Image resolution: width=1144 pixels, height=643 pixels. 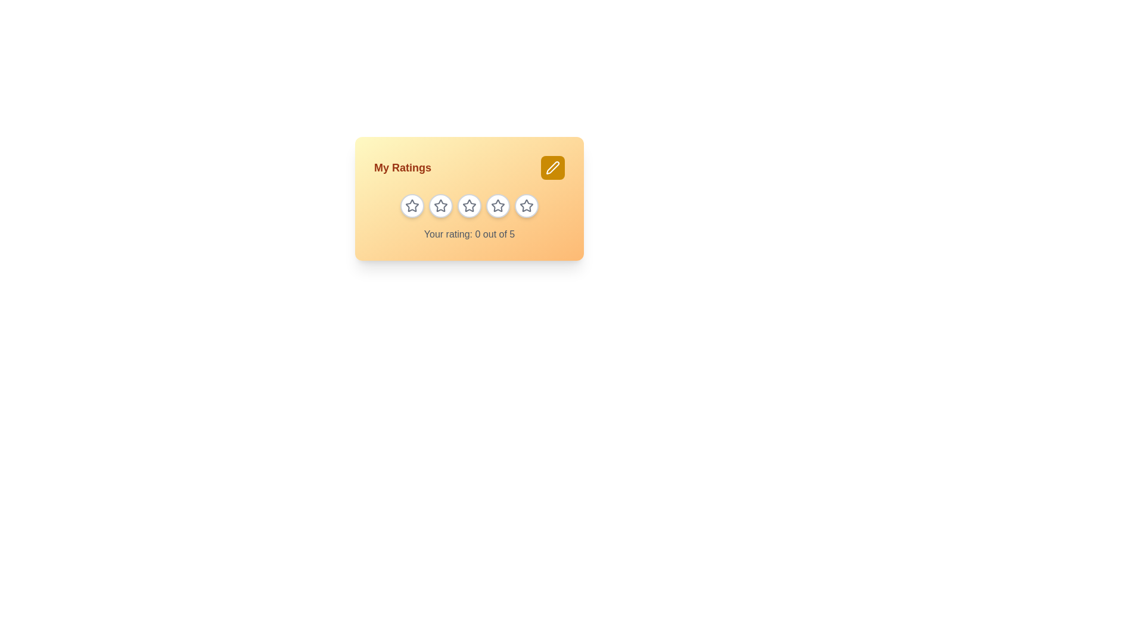 I want to click on the first star icon in the five-star rating system on the yellow card labeled 'My Ratings', so click(x=412, y=205).